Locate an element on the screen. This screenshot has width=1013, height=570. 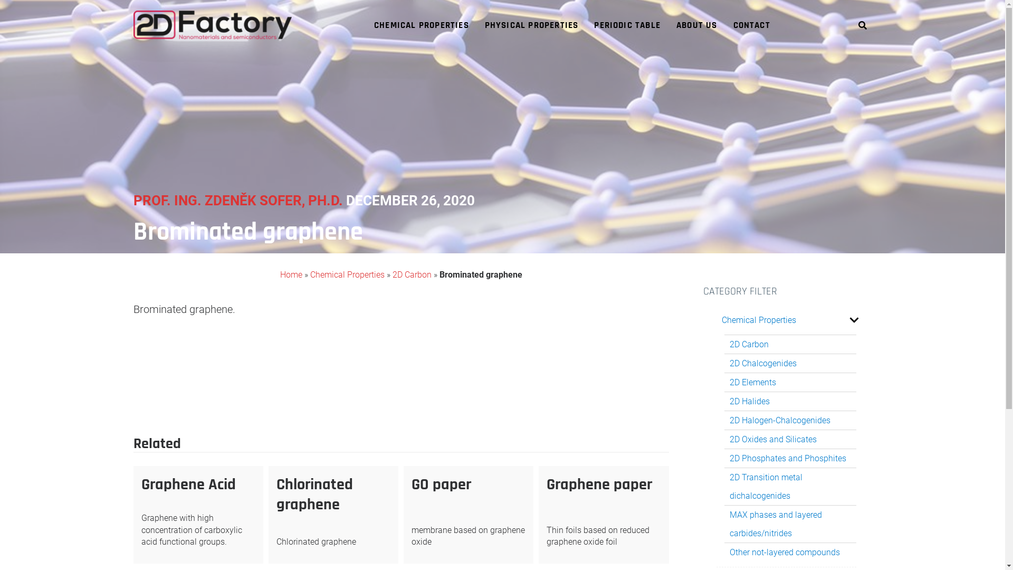
'Search' is located at coordinates (839, 64).